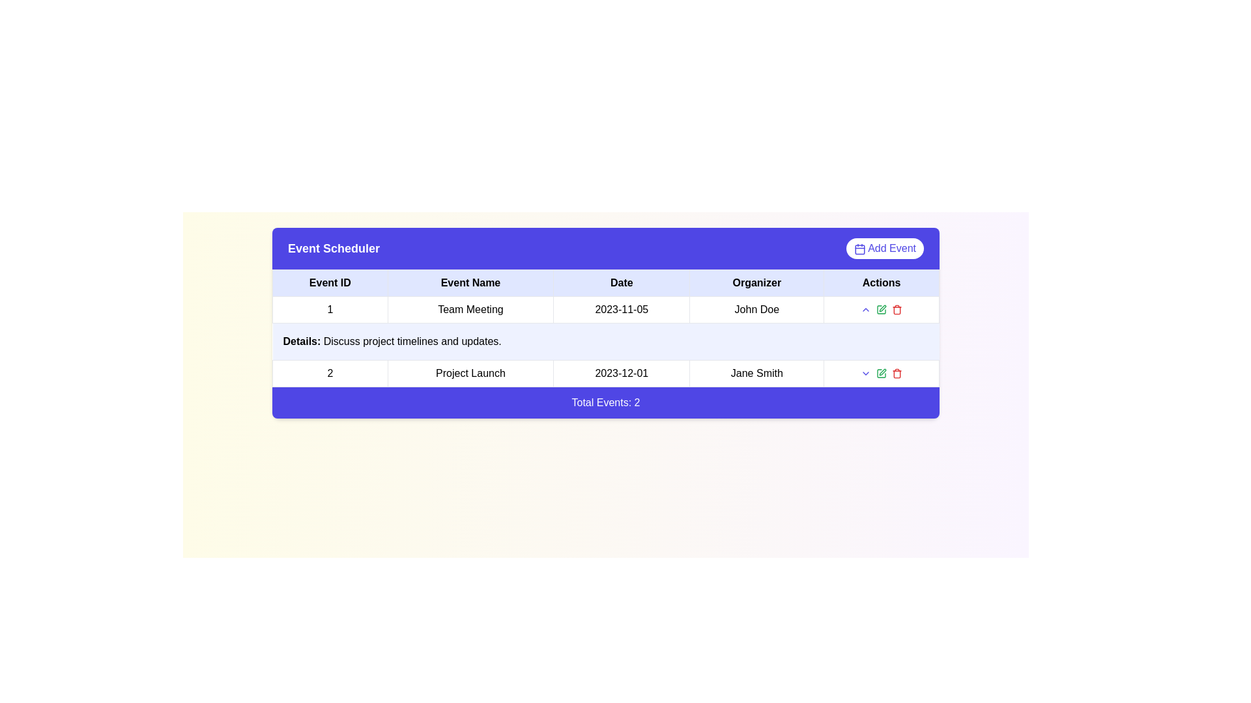 Image resolution: width=1251 pixels, height=703 pixels. Describe the element at coordinates (334, 248) in the screenshot. I see `the text label in the purple header bar that serves as the title for the event scheduler interface` at that location.